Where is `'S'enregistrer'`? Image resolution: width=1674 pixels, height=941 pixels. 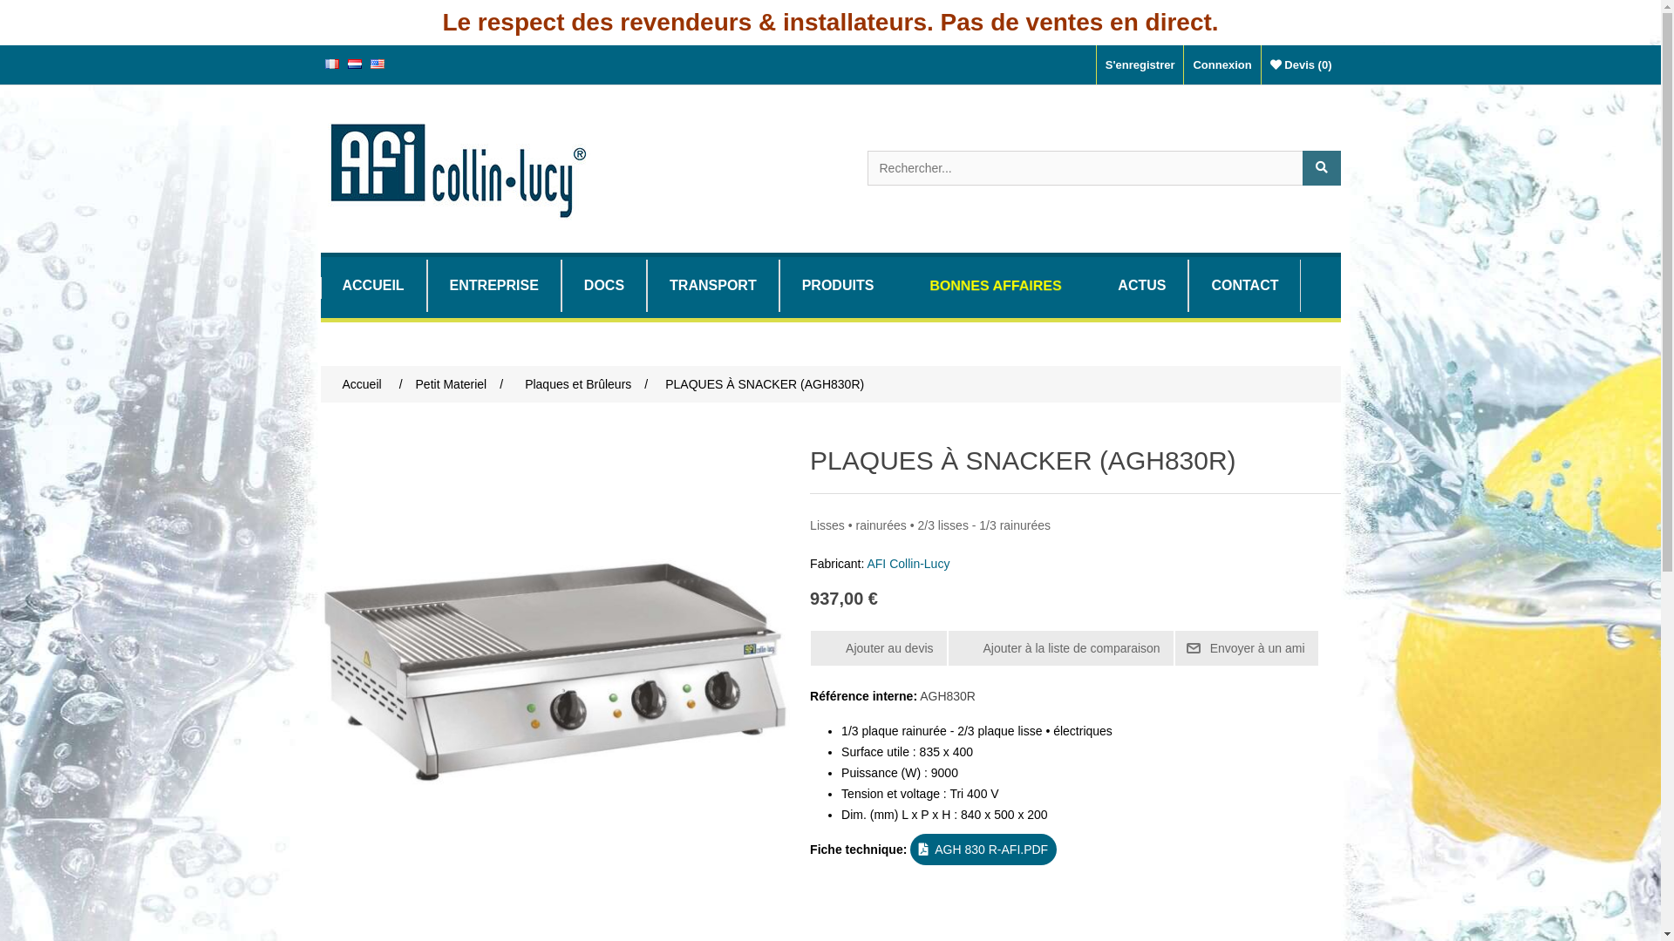 'S'enregistrer' is located at coordinates (1095, 64).